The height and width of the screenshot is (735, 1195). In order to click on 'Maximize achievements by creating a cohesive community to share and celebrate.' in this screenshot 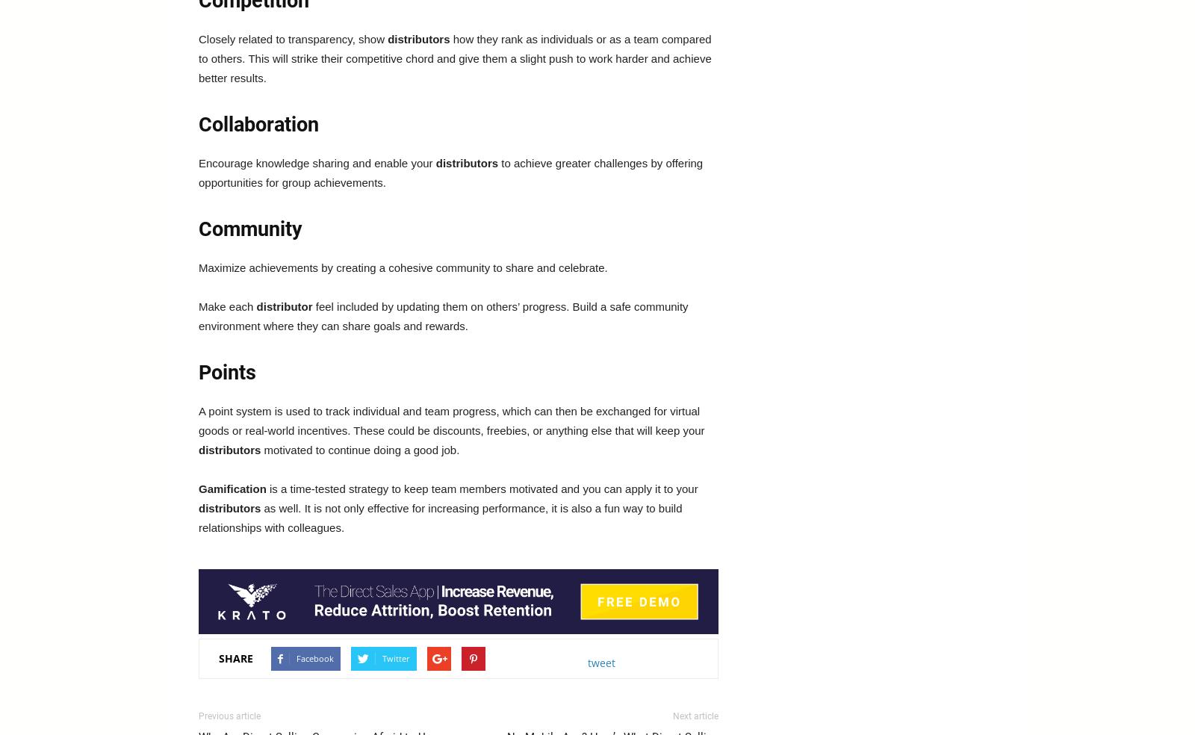, I will do `click(402, 267)`.